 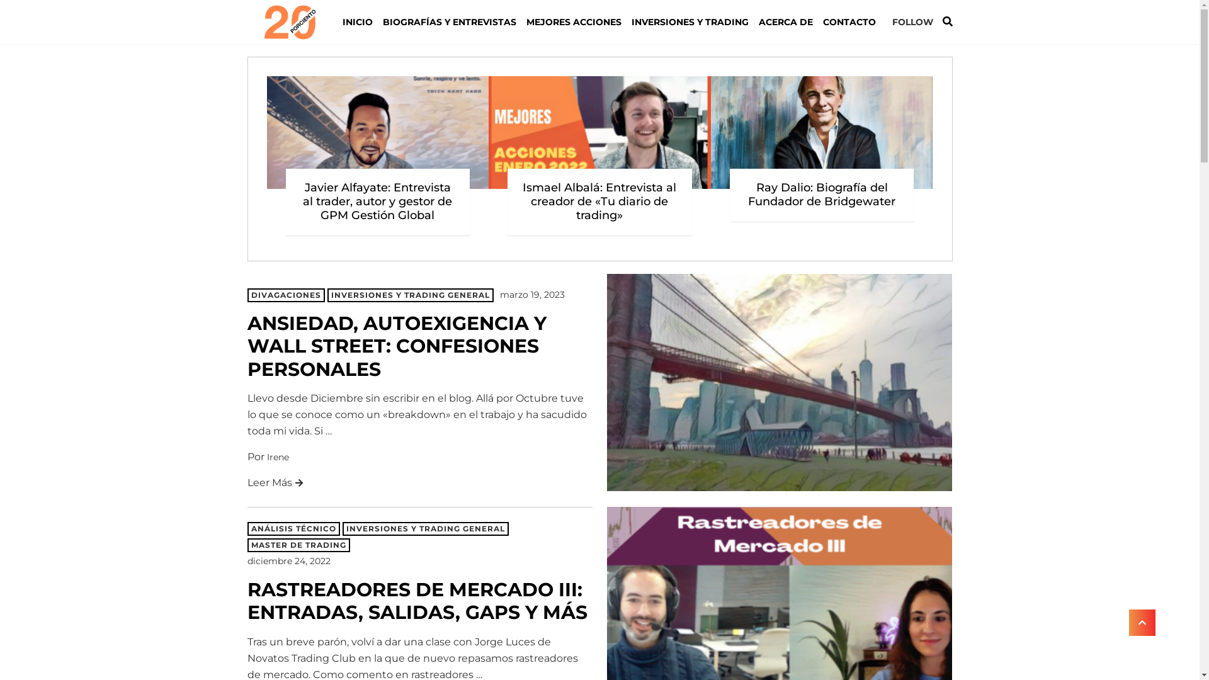 I want to click on 'Skip to navigation', so click(x=247, y=21).